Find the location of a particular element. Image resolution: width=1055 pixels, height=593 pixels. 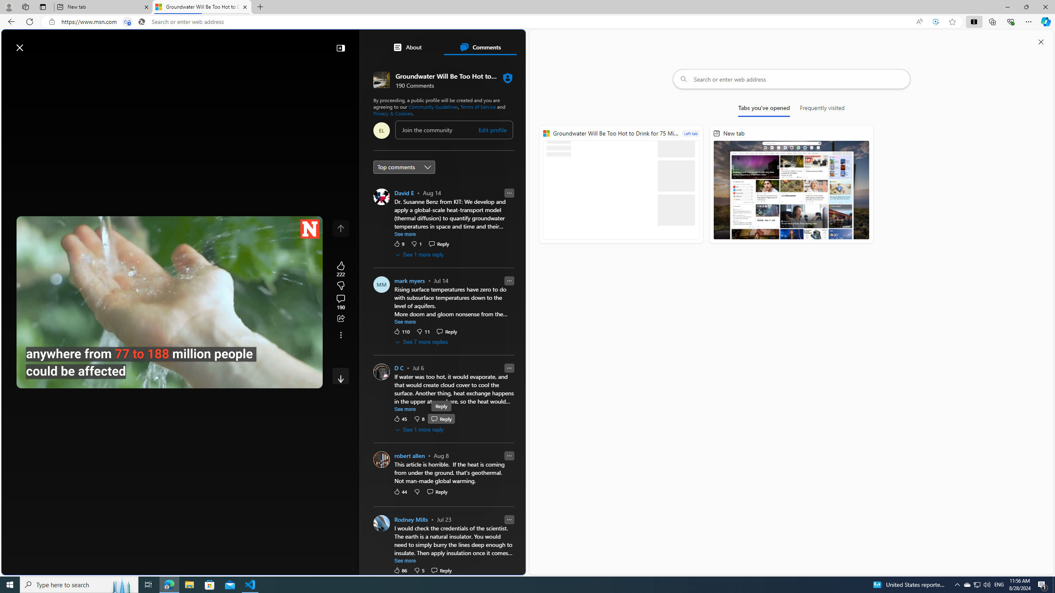

'Quality Settings' is located at coordinates (261, 378).